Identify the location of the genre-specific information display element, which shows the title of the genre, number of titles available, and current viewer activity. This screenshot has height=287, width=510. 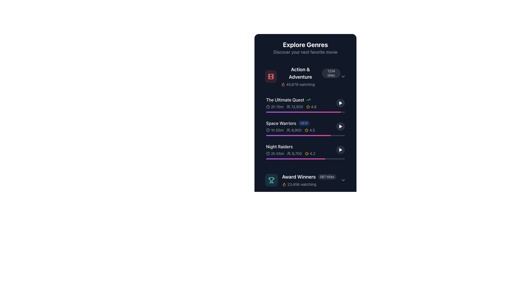
(309, 180).